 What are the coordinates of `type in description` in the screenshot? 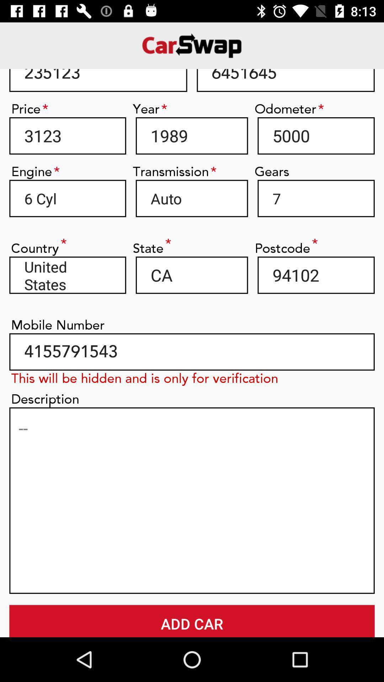 It's located at (192, 500).